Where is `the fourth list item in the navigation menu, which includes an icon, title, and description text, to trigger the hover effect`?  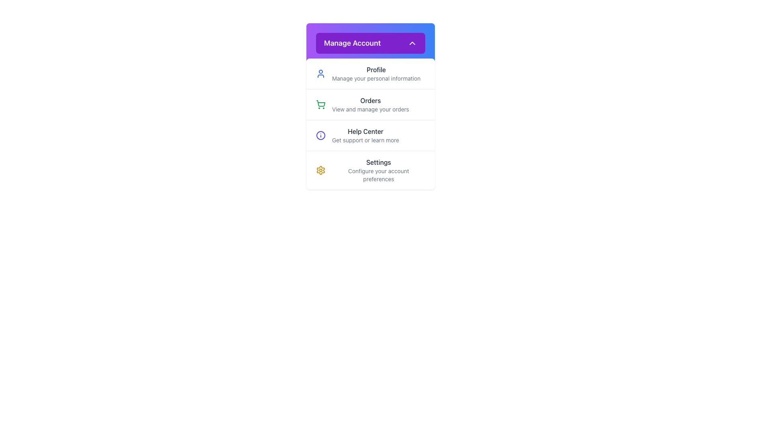 the fourth list item in the navigation menu, which includes an icon, title, and description text, to trigger the hover effect is located at coordinates (370, 170).